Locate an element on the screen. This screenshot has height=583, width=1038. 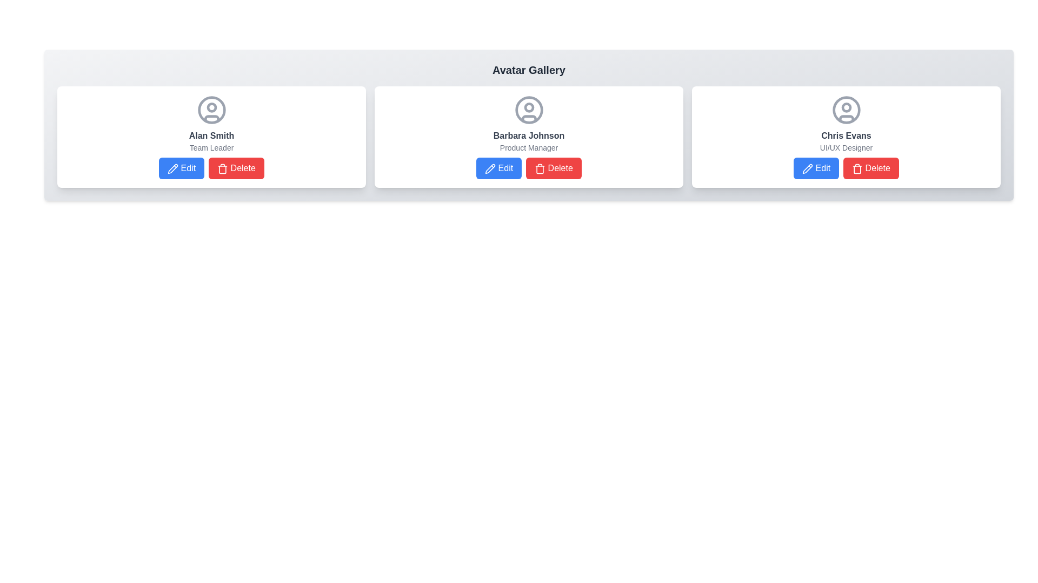
the button that allows users to start editing the information associated with 'Chris Evans' is located at coordinates (816, 168).